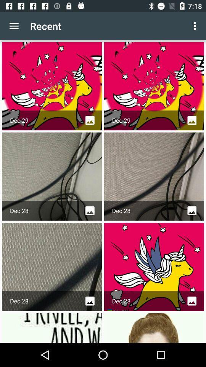 The width and height of the screenshot is (206, 367). Describe the element at coordinates (14, 26) in the screenshot. I see `the app next to recent item` at that location.